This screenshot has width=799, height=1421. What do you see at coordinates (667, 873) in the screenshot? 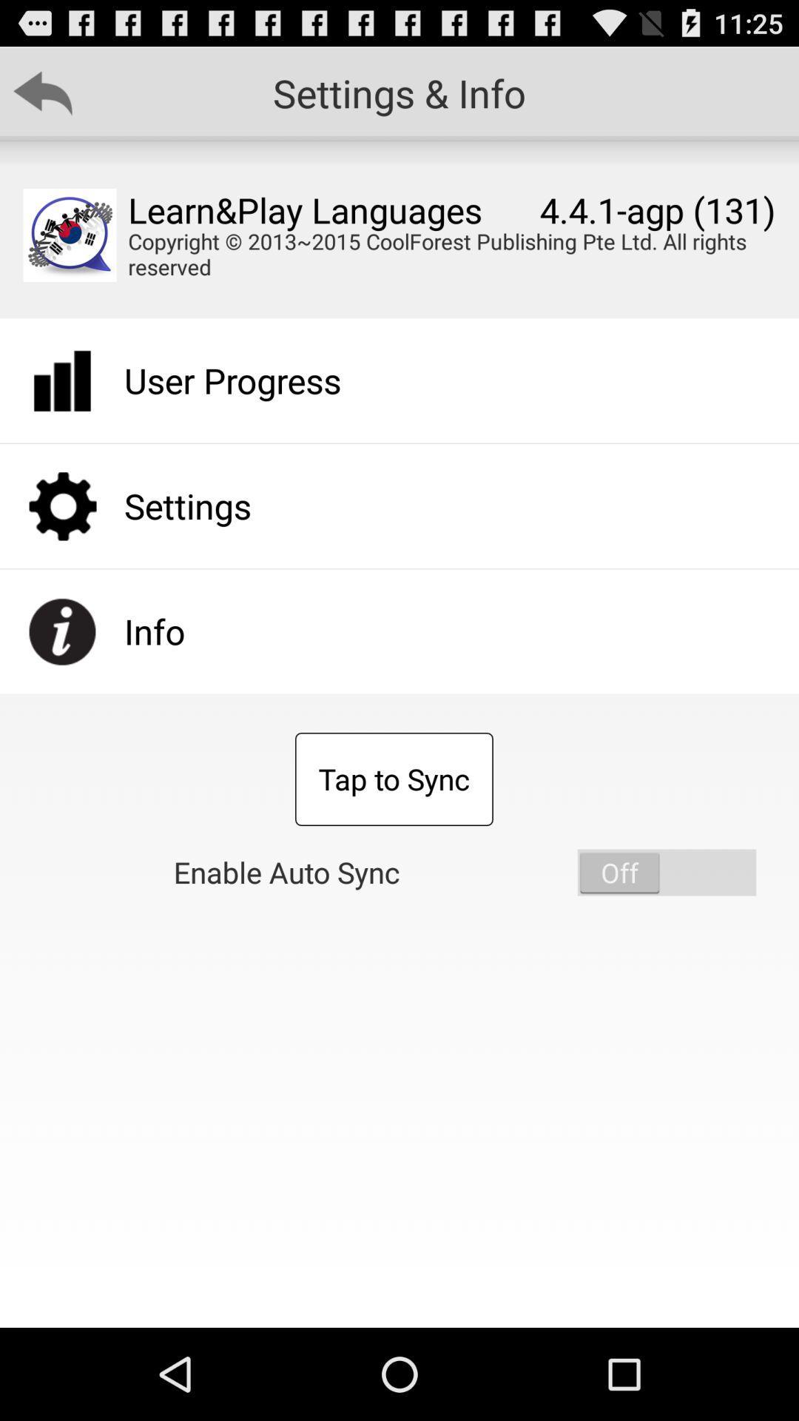
I see `turn off auto sync` at bounding box center [667, 873].